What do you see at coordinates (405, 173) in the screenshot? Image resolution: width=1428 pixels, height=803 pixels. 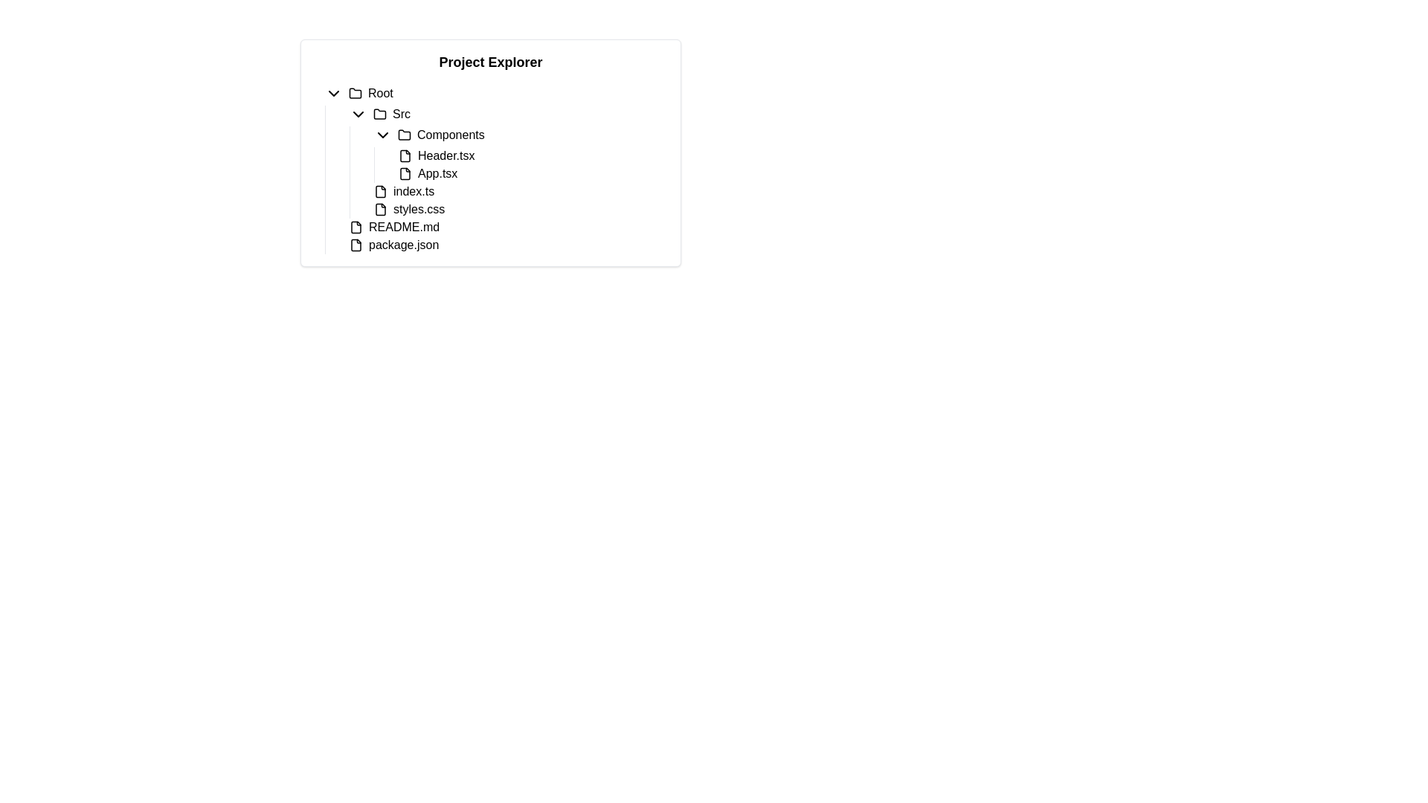 I see `the file document icon representing 'App.tsx' in the file explorer interface` at bounding box center [405, 173].